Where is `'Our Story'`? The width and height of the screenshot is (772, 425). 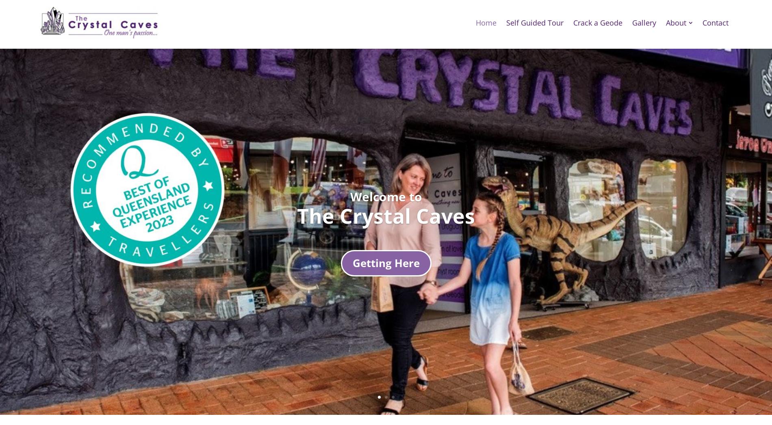
'Our Story' is located at coordinates (690, 52).